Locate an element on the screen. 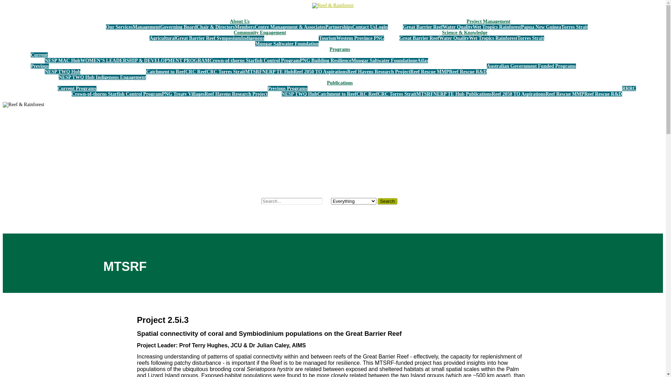 The width and height of the screenshot is (671, 377). 'Australian Government Funded Programs' is located at coordinates (531, 66).